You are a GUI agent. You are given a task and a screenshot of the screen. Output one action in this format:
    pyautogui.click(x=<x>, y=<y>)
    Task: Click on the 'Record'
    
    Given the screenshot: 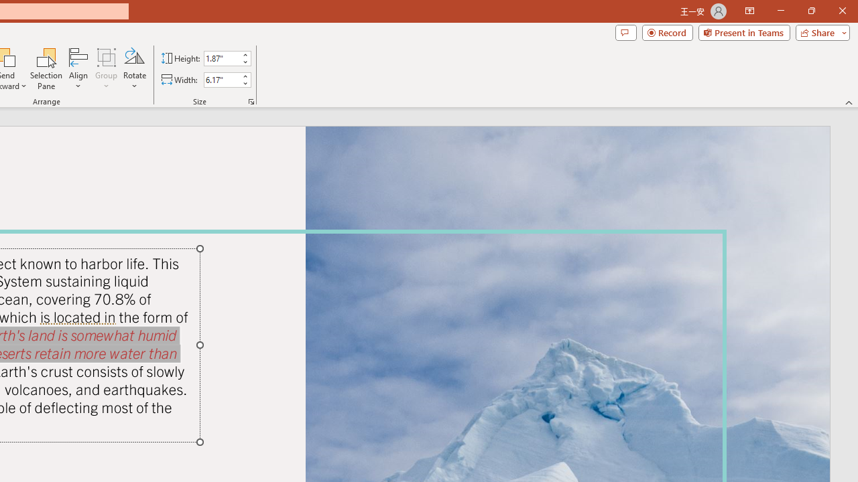 What is the action you would take?
    pyautogui.click(x=667, y=31)
    